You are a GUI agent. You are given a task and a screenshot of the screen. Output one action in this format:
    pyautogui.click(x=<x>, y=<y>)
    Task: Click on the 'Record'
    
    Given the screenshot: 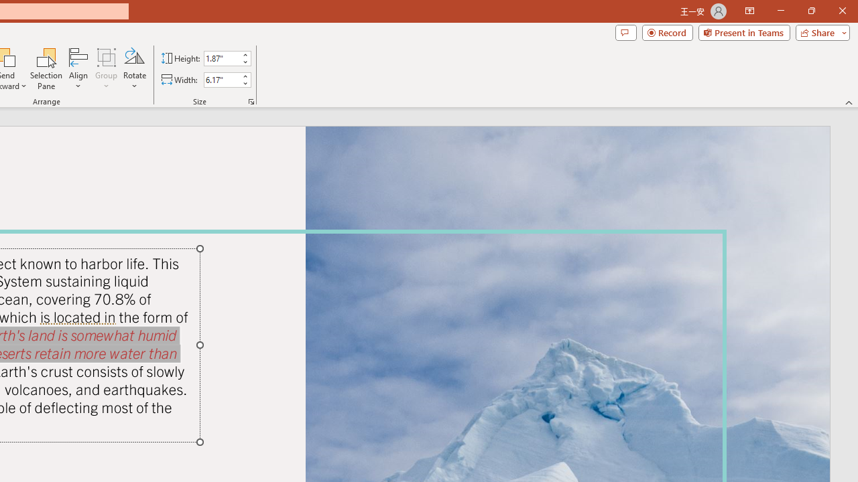 What is the action you would take?
    pyautogui.click(x=667, y=31)
    